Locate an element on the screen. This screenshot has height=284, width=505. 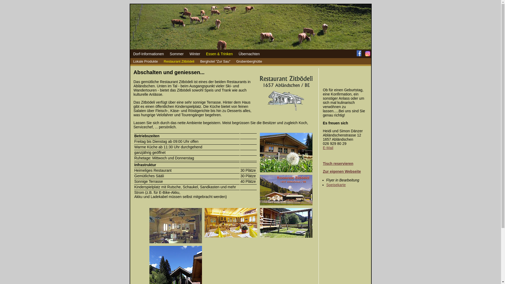
'Zur eigenen Webseite' is located at coordinates (342, 171).